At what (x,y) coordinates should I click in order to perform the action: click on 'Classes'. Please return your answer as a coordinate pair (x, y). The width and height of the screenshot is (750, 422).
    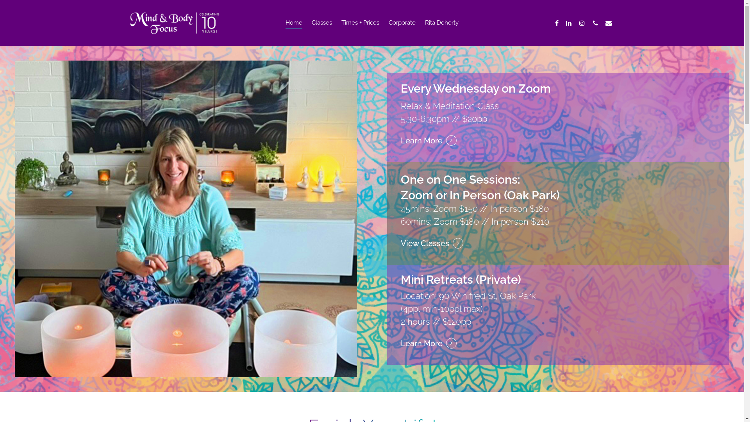
    Looking at the image, I should click on (322, 28).